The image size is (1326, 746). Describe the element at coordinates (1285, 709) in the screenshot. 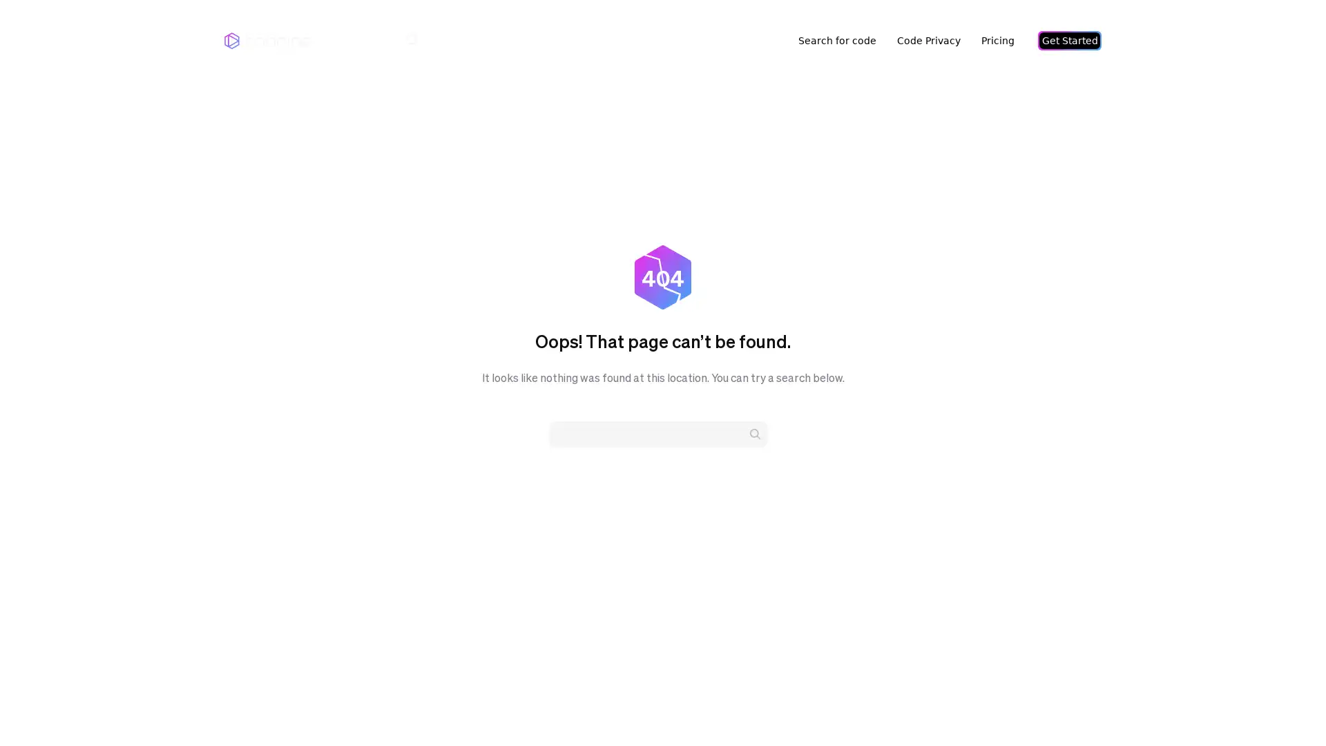

I see `Open` at that location.